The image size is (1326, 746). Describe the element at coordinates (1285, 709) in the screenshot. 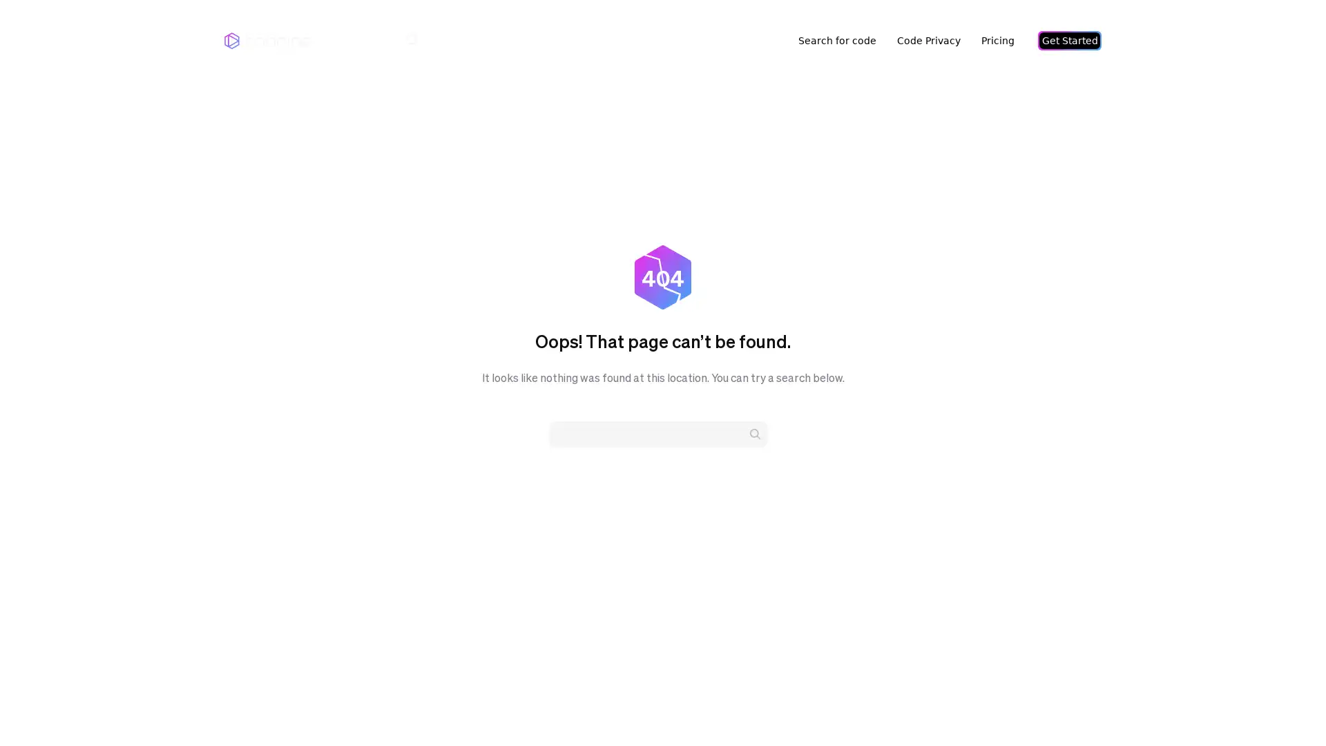

I see `Open` at that location.